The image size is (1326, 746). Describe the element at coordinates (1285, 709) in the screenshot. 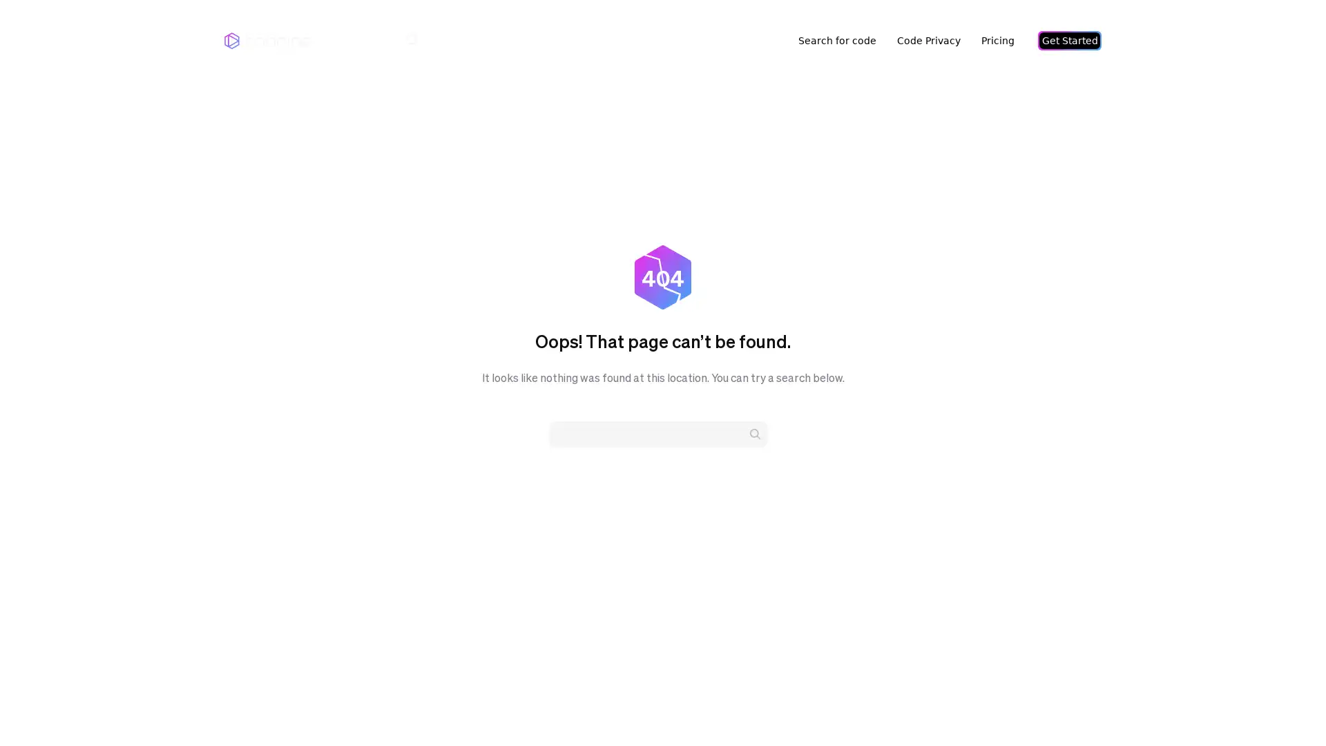

I see `Open` at that location.